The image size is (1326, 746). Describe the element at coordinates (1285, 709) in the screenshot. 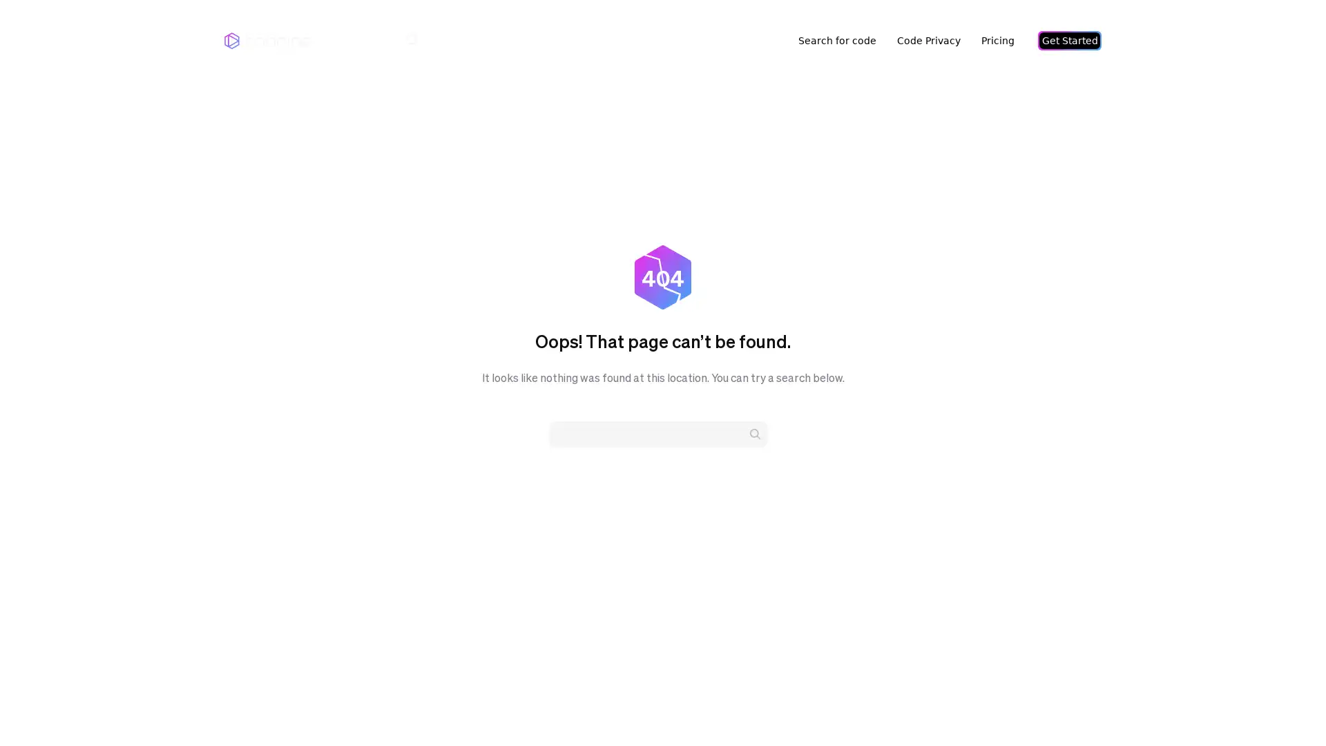

I see `Open` at that location.